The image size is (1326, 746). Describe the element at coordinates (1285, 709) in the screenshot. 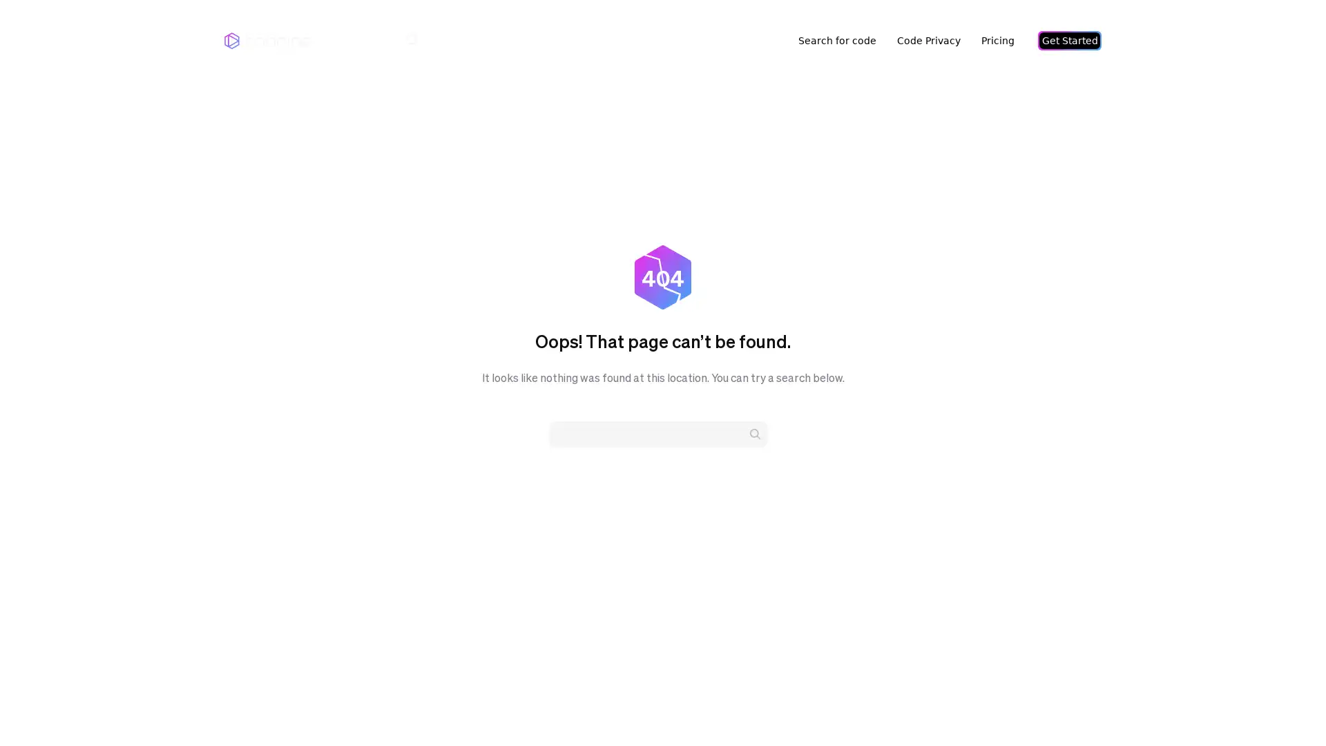

I see `Open` at that location.